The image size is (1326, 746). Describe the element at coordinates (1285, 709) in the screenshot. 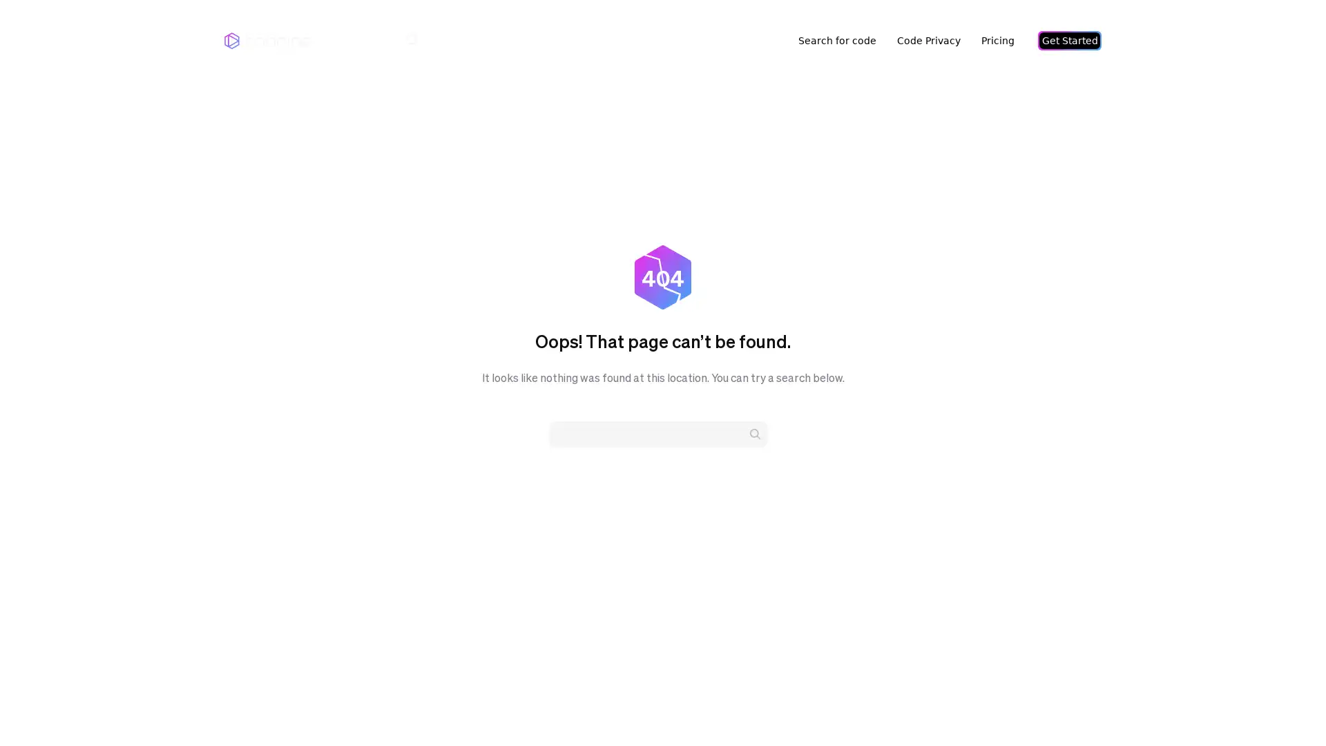

I see `Open` at that location.